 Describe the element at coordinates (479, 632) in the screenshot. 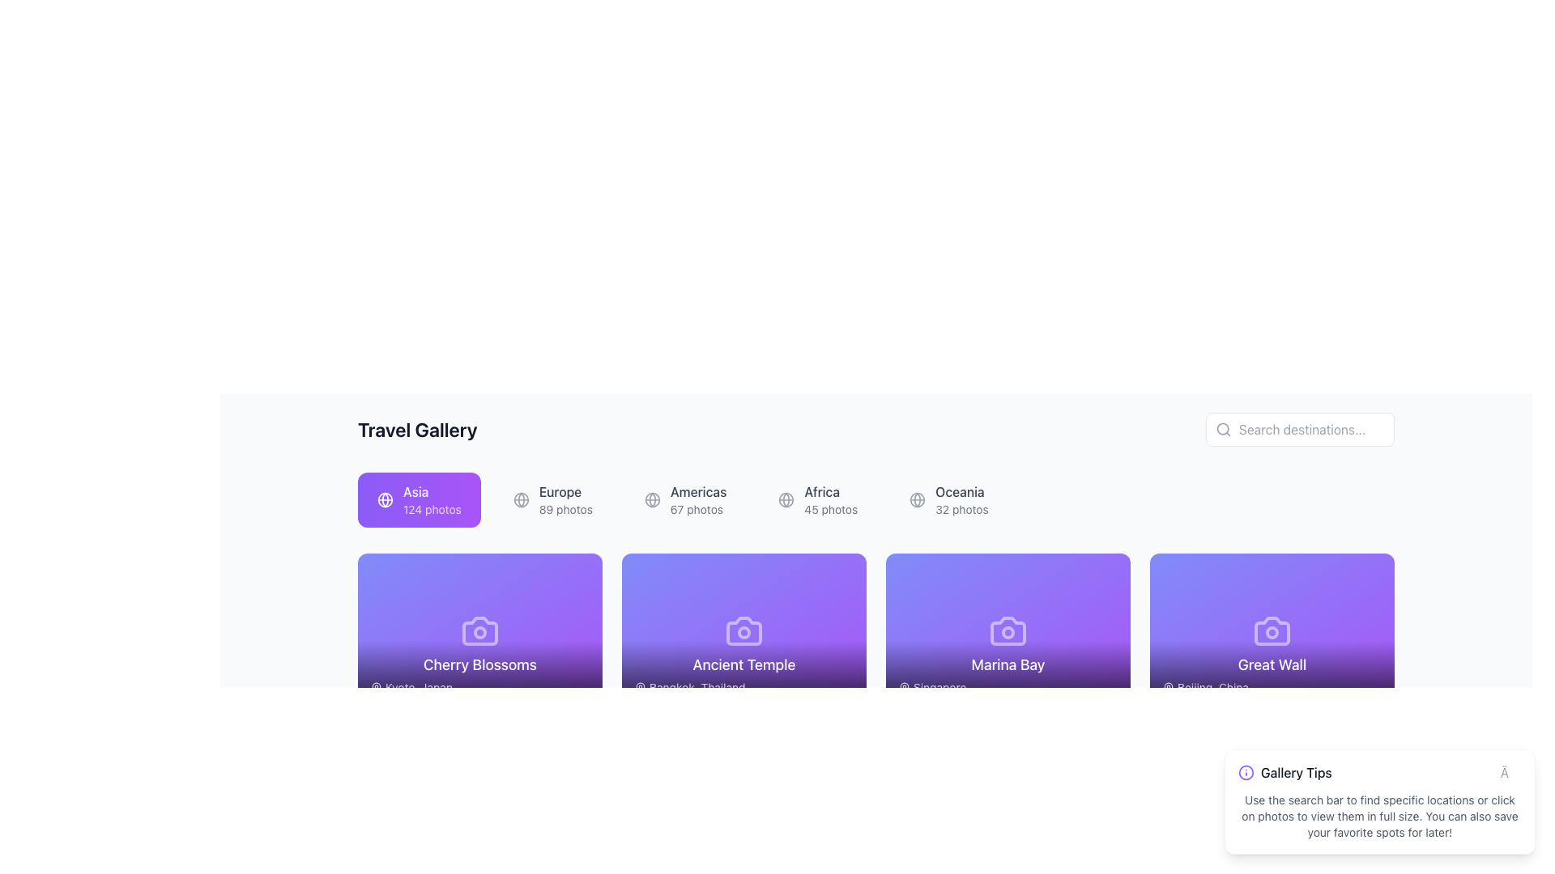

I see `the circular design element at the center of the camera icon within the 'Cherry Blossoms' card` at that location.